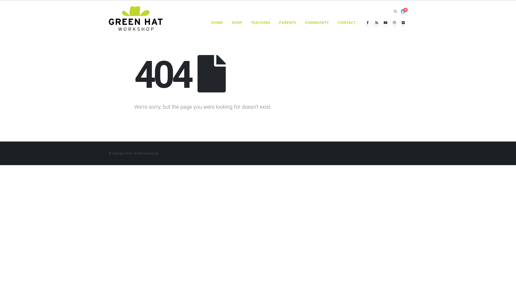 Image resolution: width=516 pixels, height=290 pixels. What do you see at coordinates (317, 22) in the screenshot?
I see `'COMMUNITY'` at bounding box center [317, 22].